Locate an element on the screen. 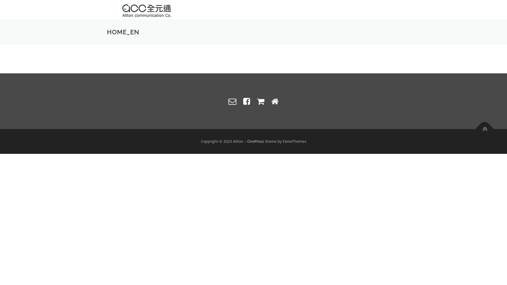  'Back To Top' is located at coordinates (482, 126).